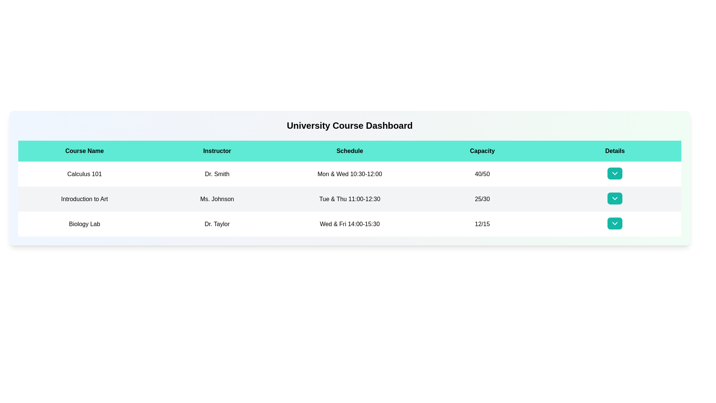 This screenshot has width=716, height=403. I want to click on the first row of the course listing table that summarizes details about a specific course, located directly above the 'Introduction to Art' row, so click(349, 174).